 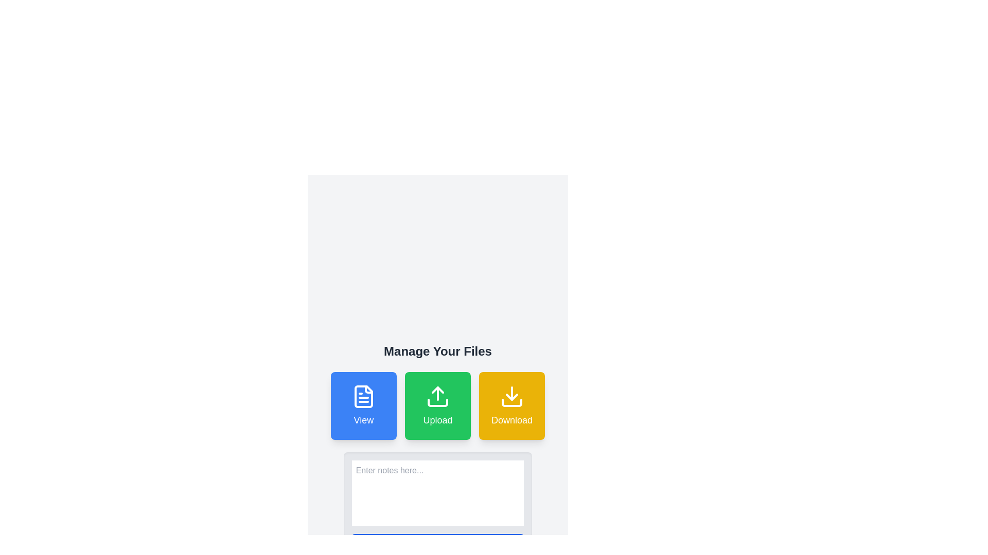 What do you see at coordinates (363, 396) in the screenshot?
I see `the 'View' icon, which is located at the center of the blue button labeled 'View' beneath the title 'Manage Your Files'` at bounding box center [363, 396].